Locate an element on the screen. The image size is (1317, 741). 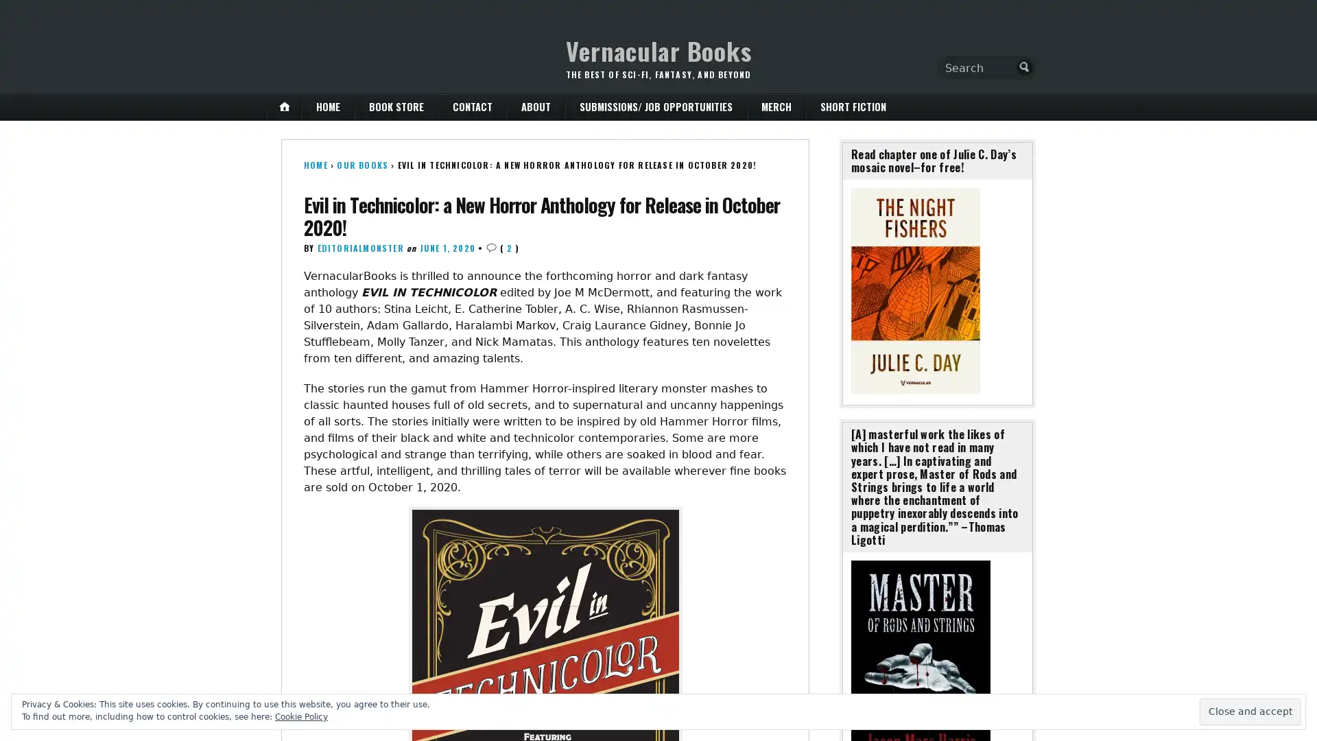
Close and accept is located at coordinates (1250, 711).